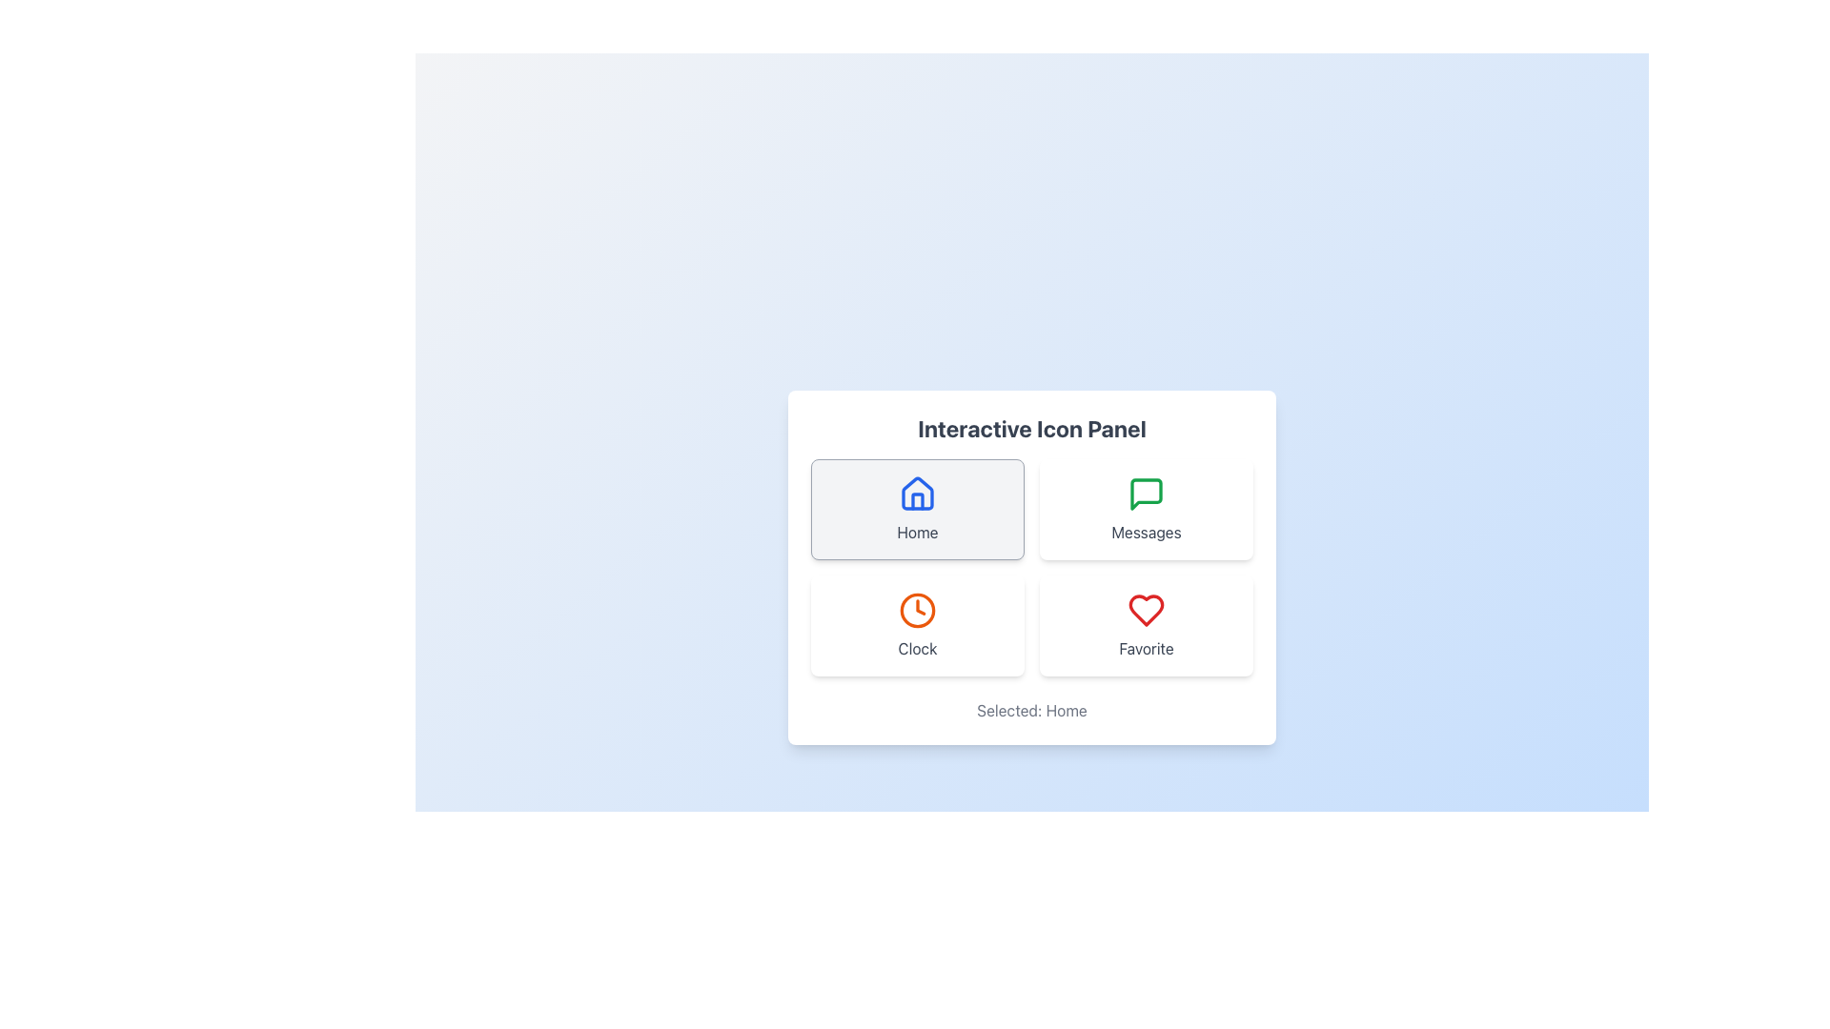  What do you see at coordinates (1146, 494) in the screenshot?
I see `the compact green speech bubble or message icon located in the 'Messages' group of the interactive icon panel, which is visually centered at the top of the section` at bounding box center [1146, 494].